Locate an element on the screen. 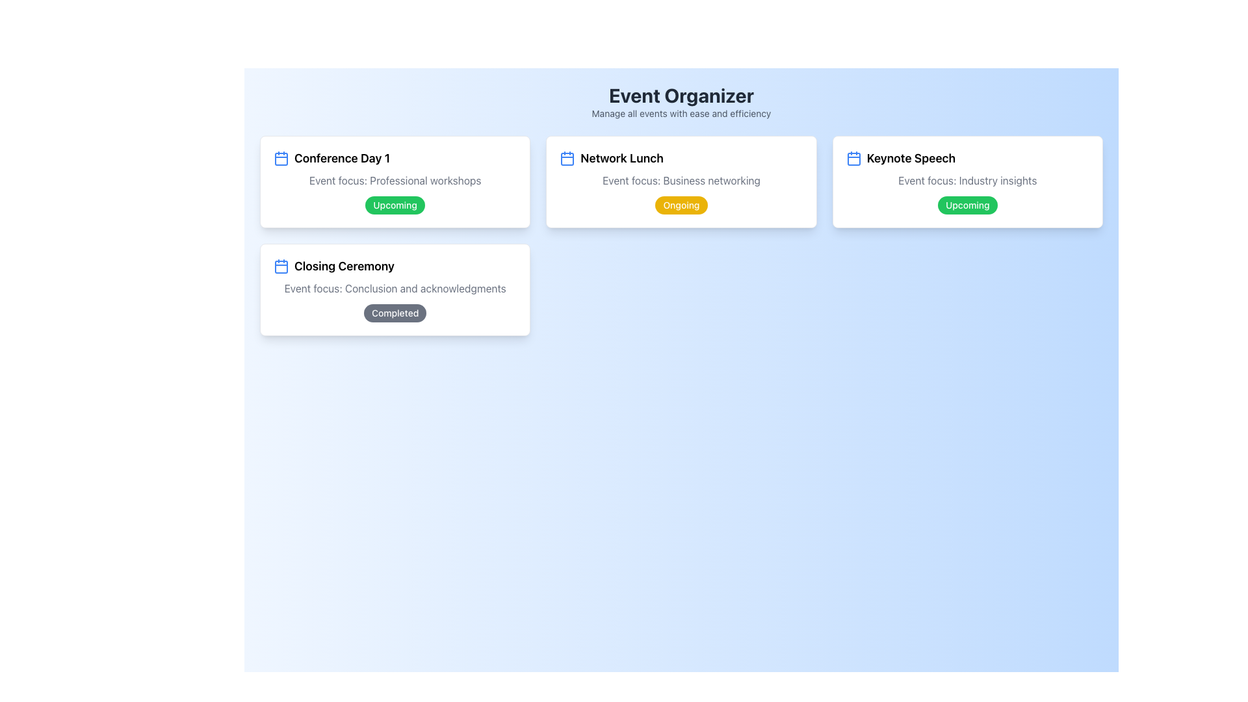 The width and height of the screenshot is (1248, 702). the Status Indicator (Badge) located at the bottom-right of the 'Closing Ceremony' card, which indicates that the event is completed is located at coordinates (395, 313).